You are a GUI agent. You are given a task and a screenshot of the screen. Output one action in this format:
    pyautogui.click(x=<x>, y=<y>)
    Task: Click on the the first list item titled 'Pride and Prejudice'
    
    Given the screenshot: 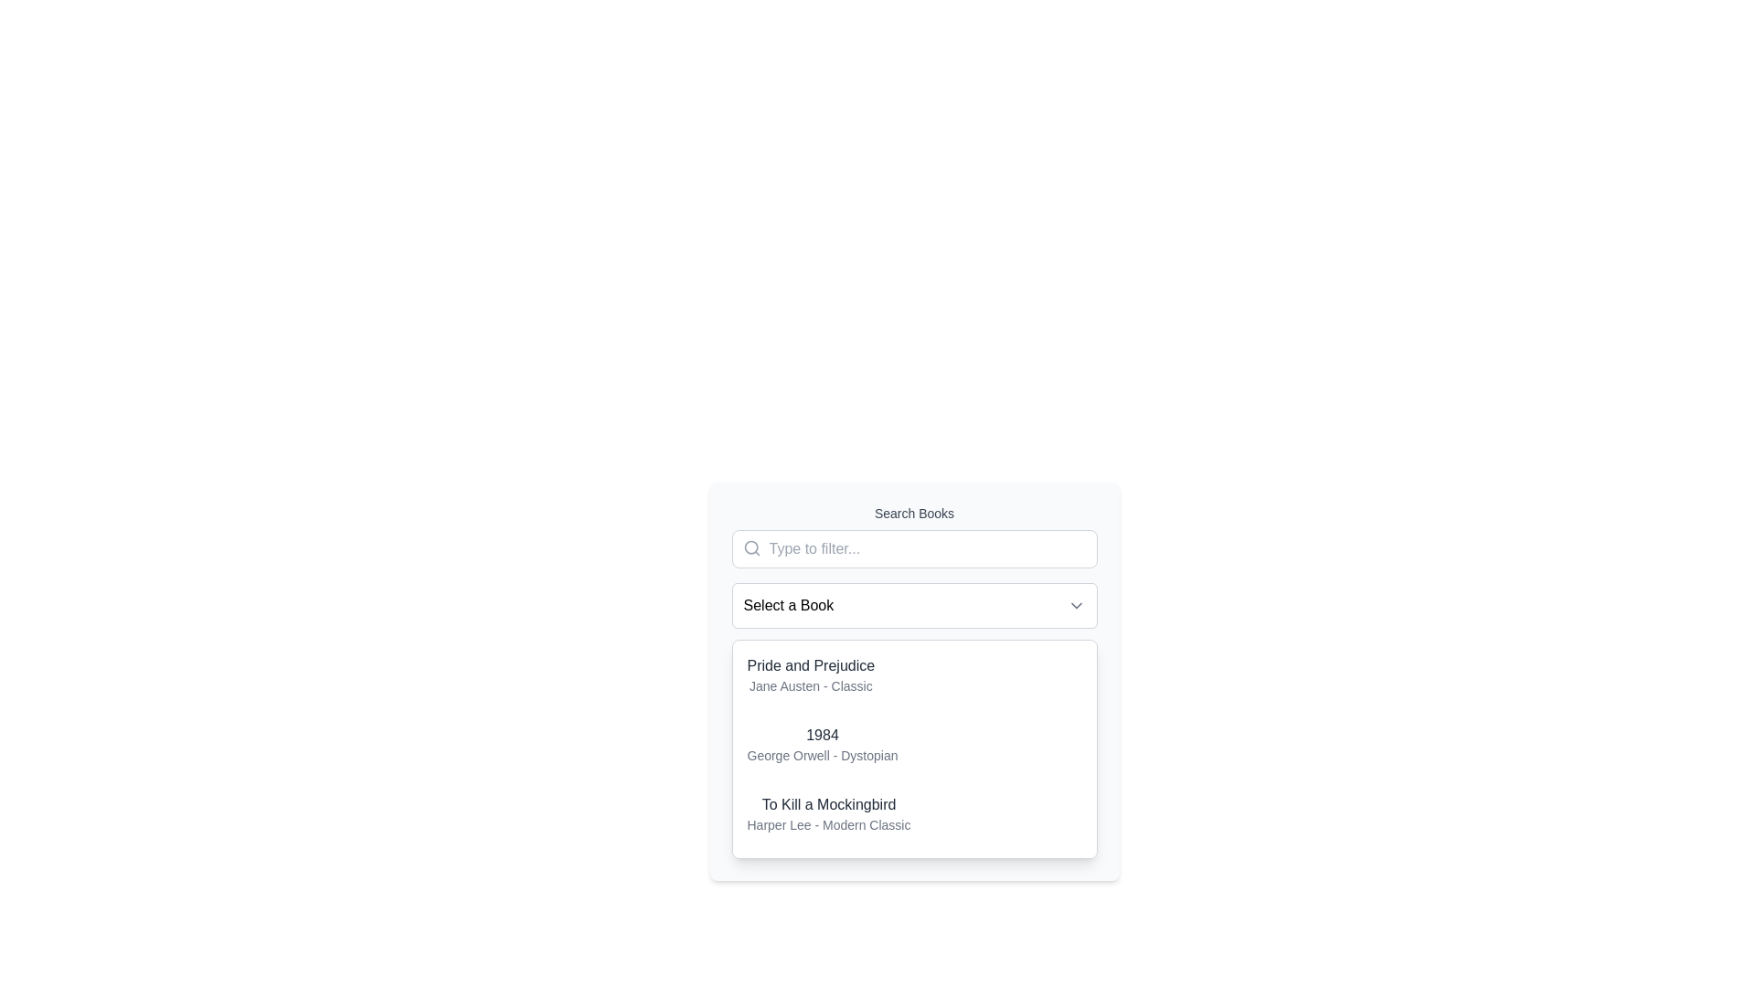 What is the action you would take?
    pyautogui.click(x=914, y=675)
    